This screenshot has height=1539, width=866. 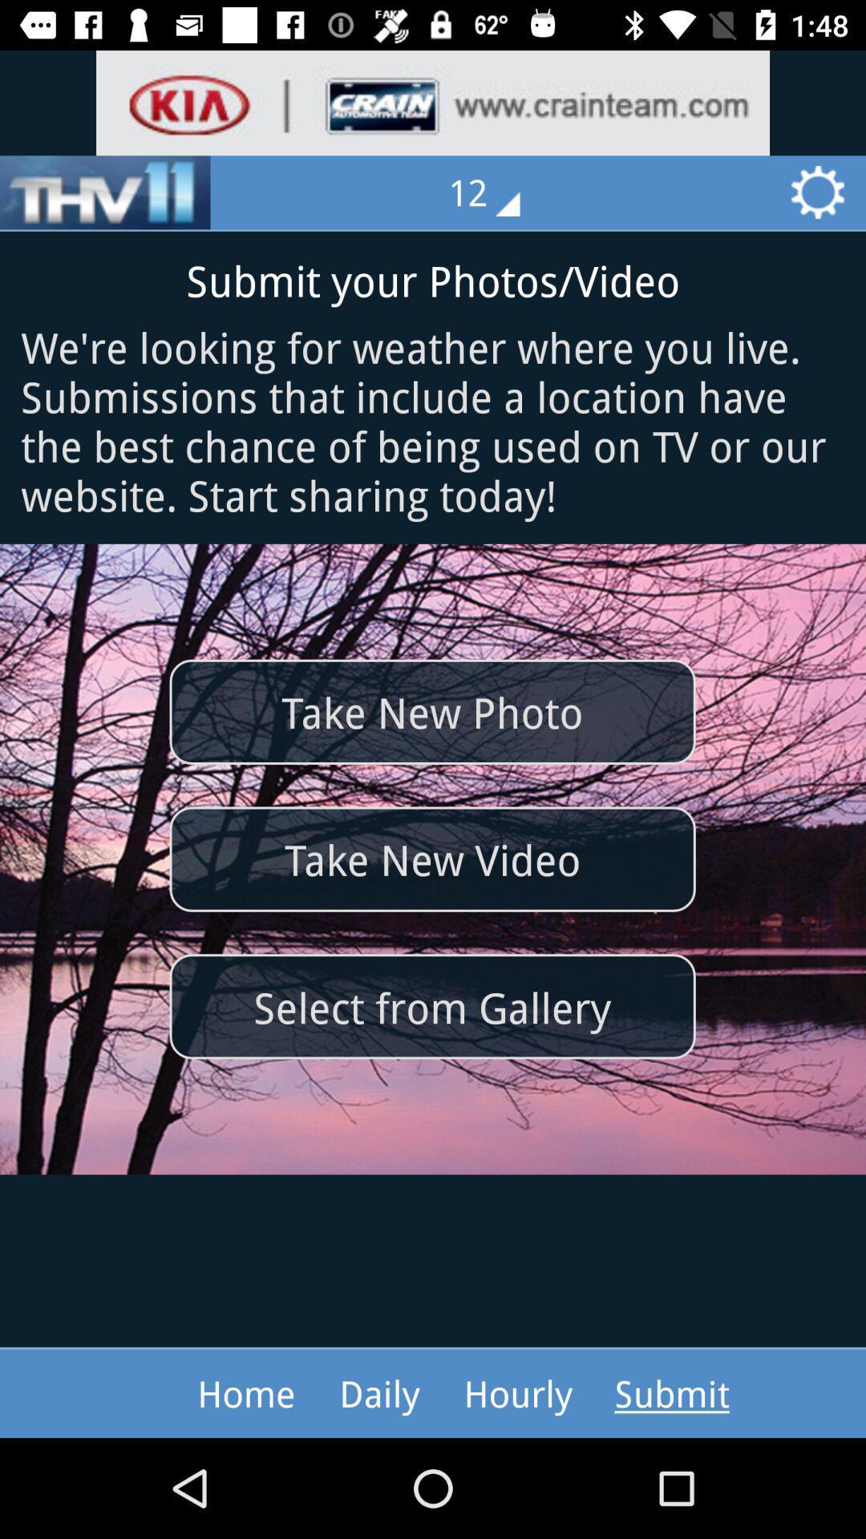 I want to click on item below the take new video item, so click(x=431, y=1005).